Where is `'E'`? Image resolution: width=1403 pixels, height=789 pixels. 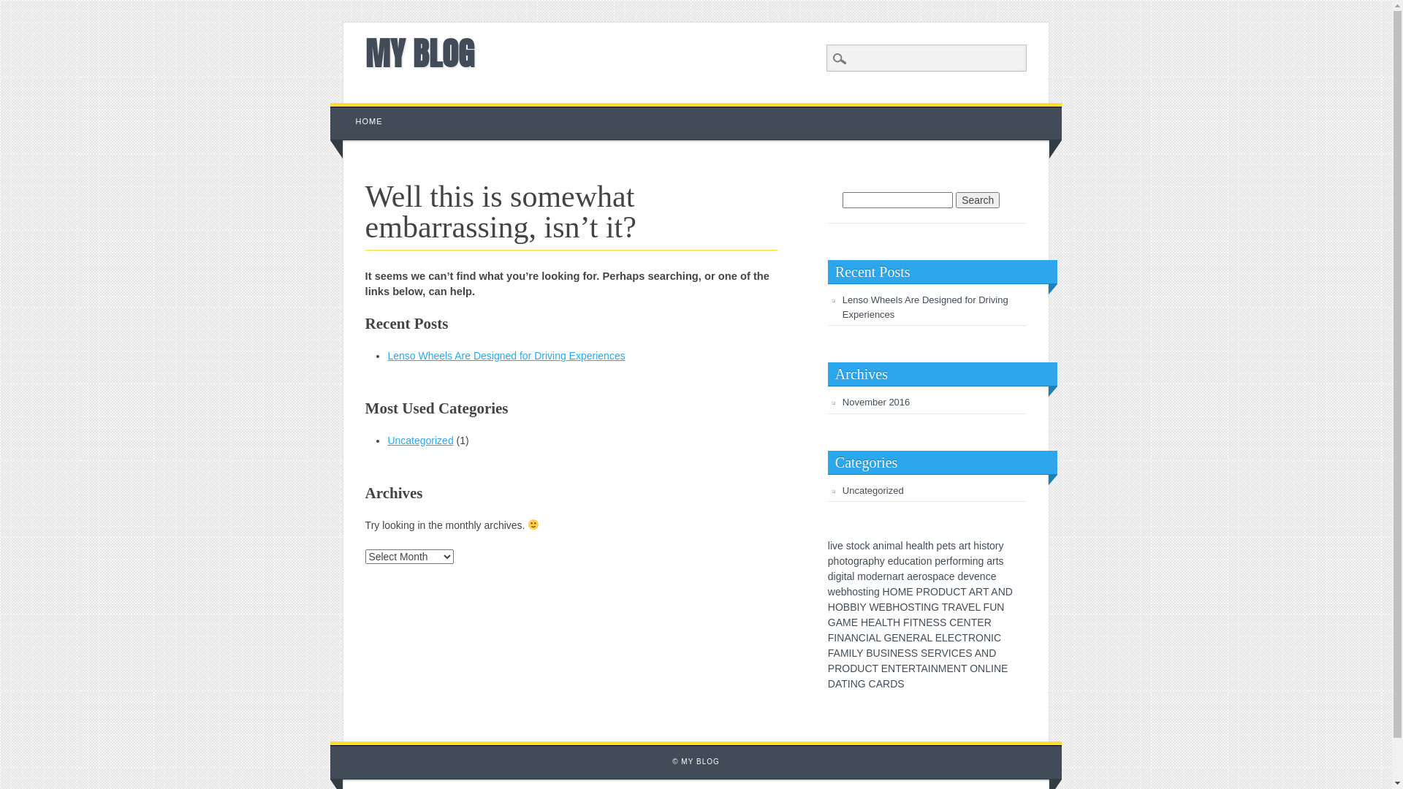
'E' is located at coordinates (929, 652).